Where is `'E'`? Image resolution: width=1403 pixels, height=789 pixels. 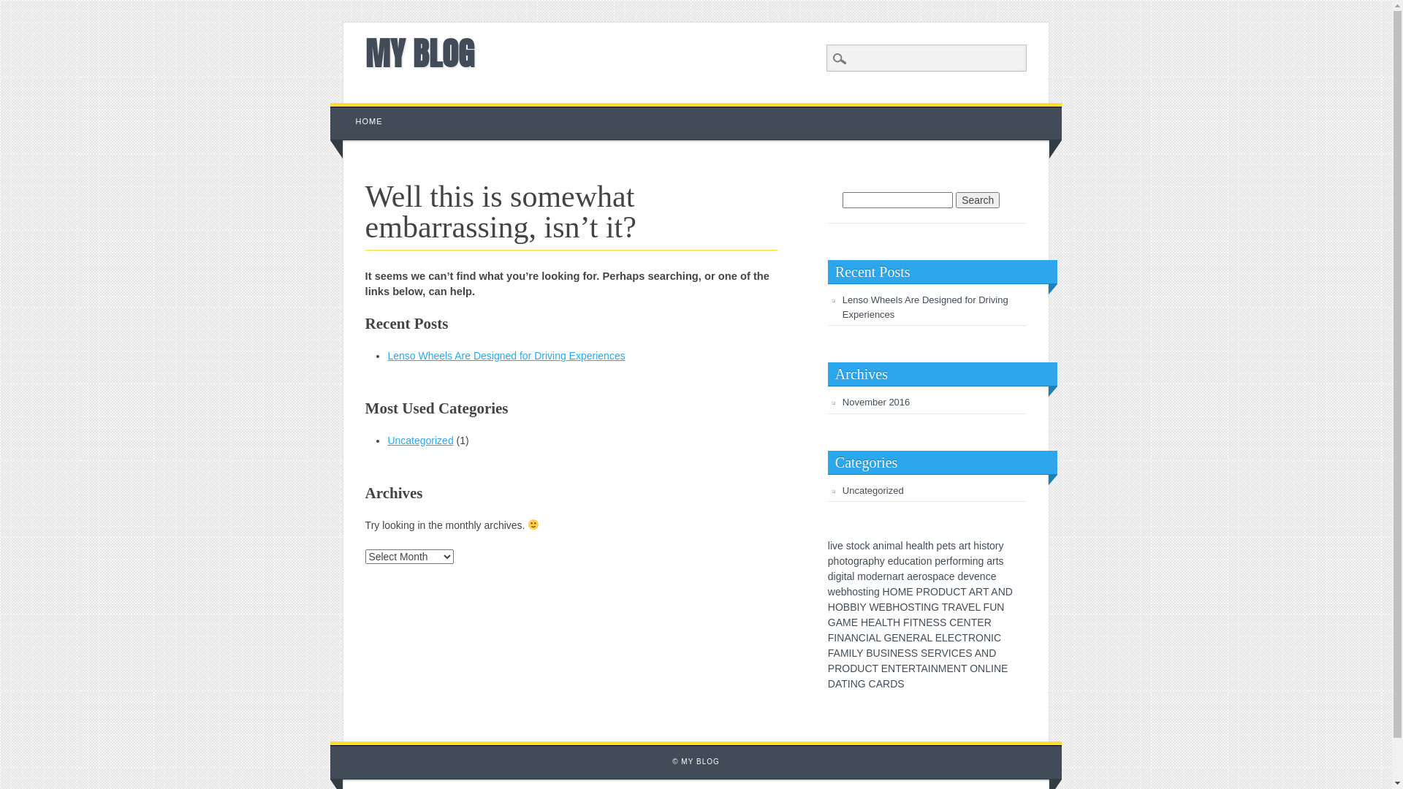
'E' is located at coordinates (929, 652).